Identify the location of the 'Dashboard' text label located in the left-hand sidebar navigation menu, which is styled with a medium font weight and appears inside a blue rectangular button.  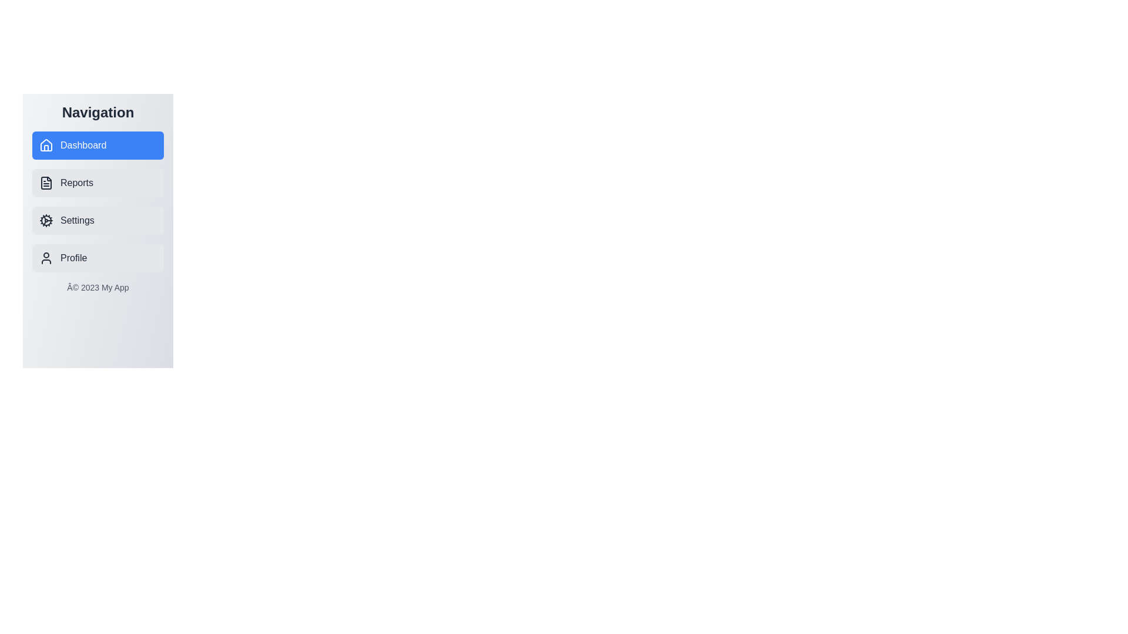
(83, 144).